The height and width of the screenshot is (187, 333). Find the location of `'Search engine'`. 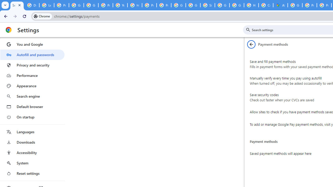

'Search engine' is located at coordinates (32, 96).